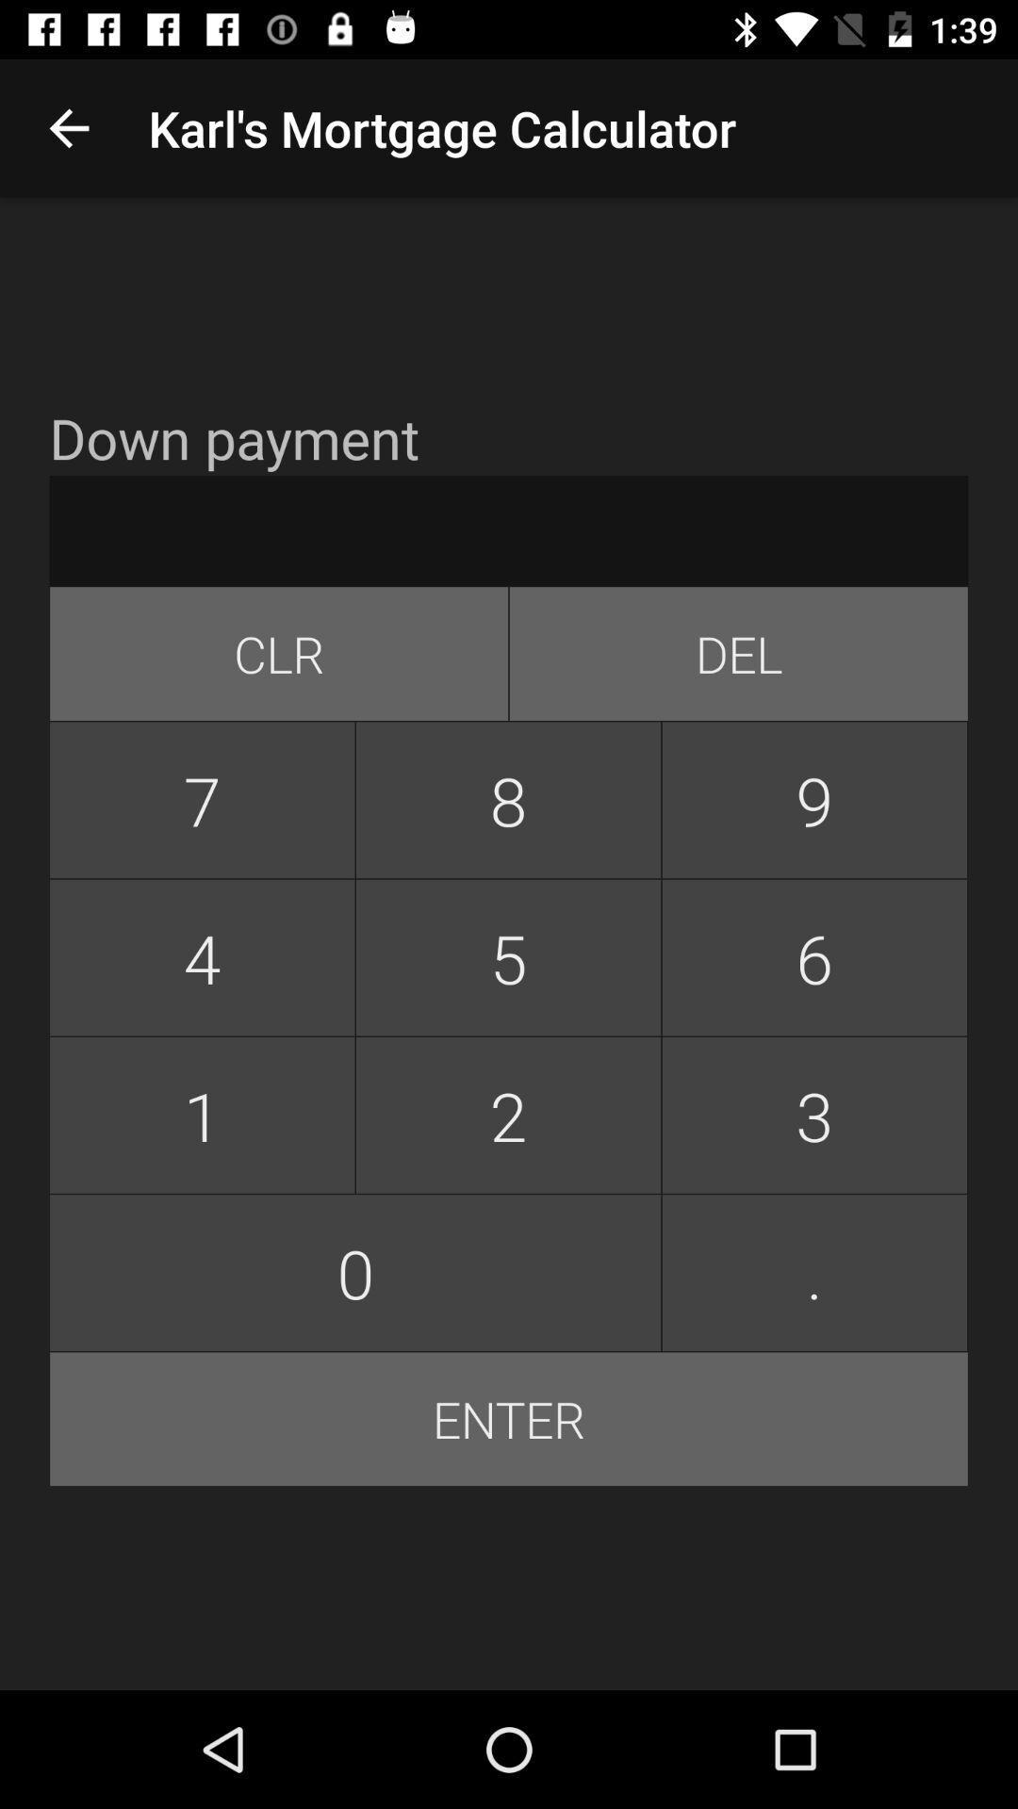  I want to click on the icon at the top left corner, so click(68, 127).